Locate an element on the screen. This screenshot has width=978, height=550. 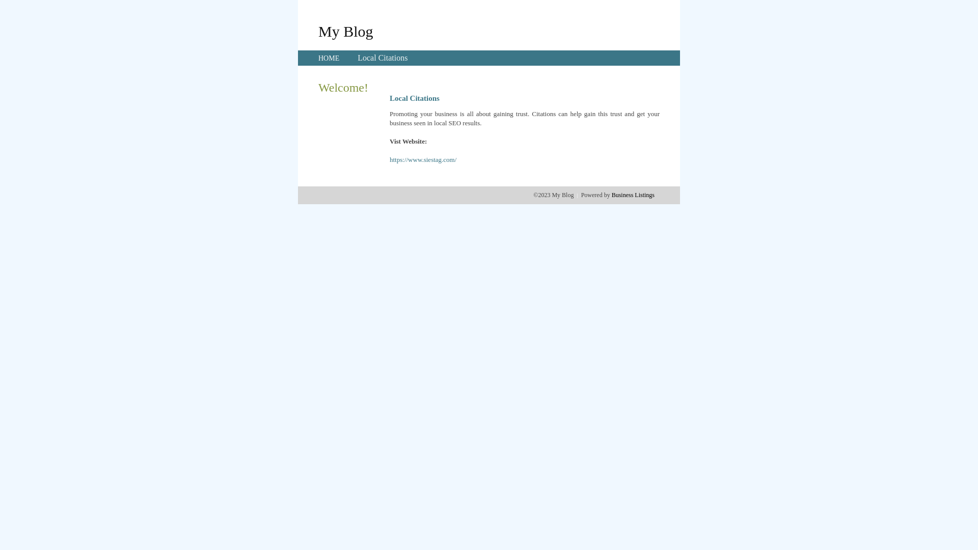
'https://www.siestag.com/' is located at coordinates (423, 159).